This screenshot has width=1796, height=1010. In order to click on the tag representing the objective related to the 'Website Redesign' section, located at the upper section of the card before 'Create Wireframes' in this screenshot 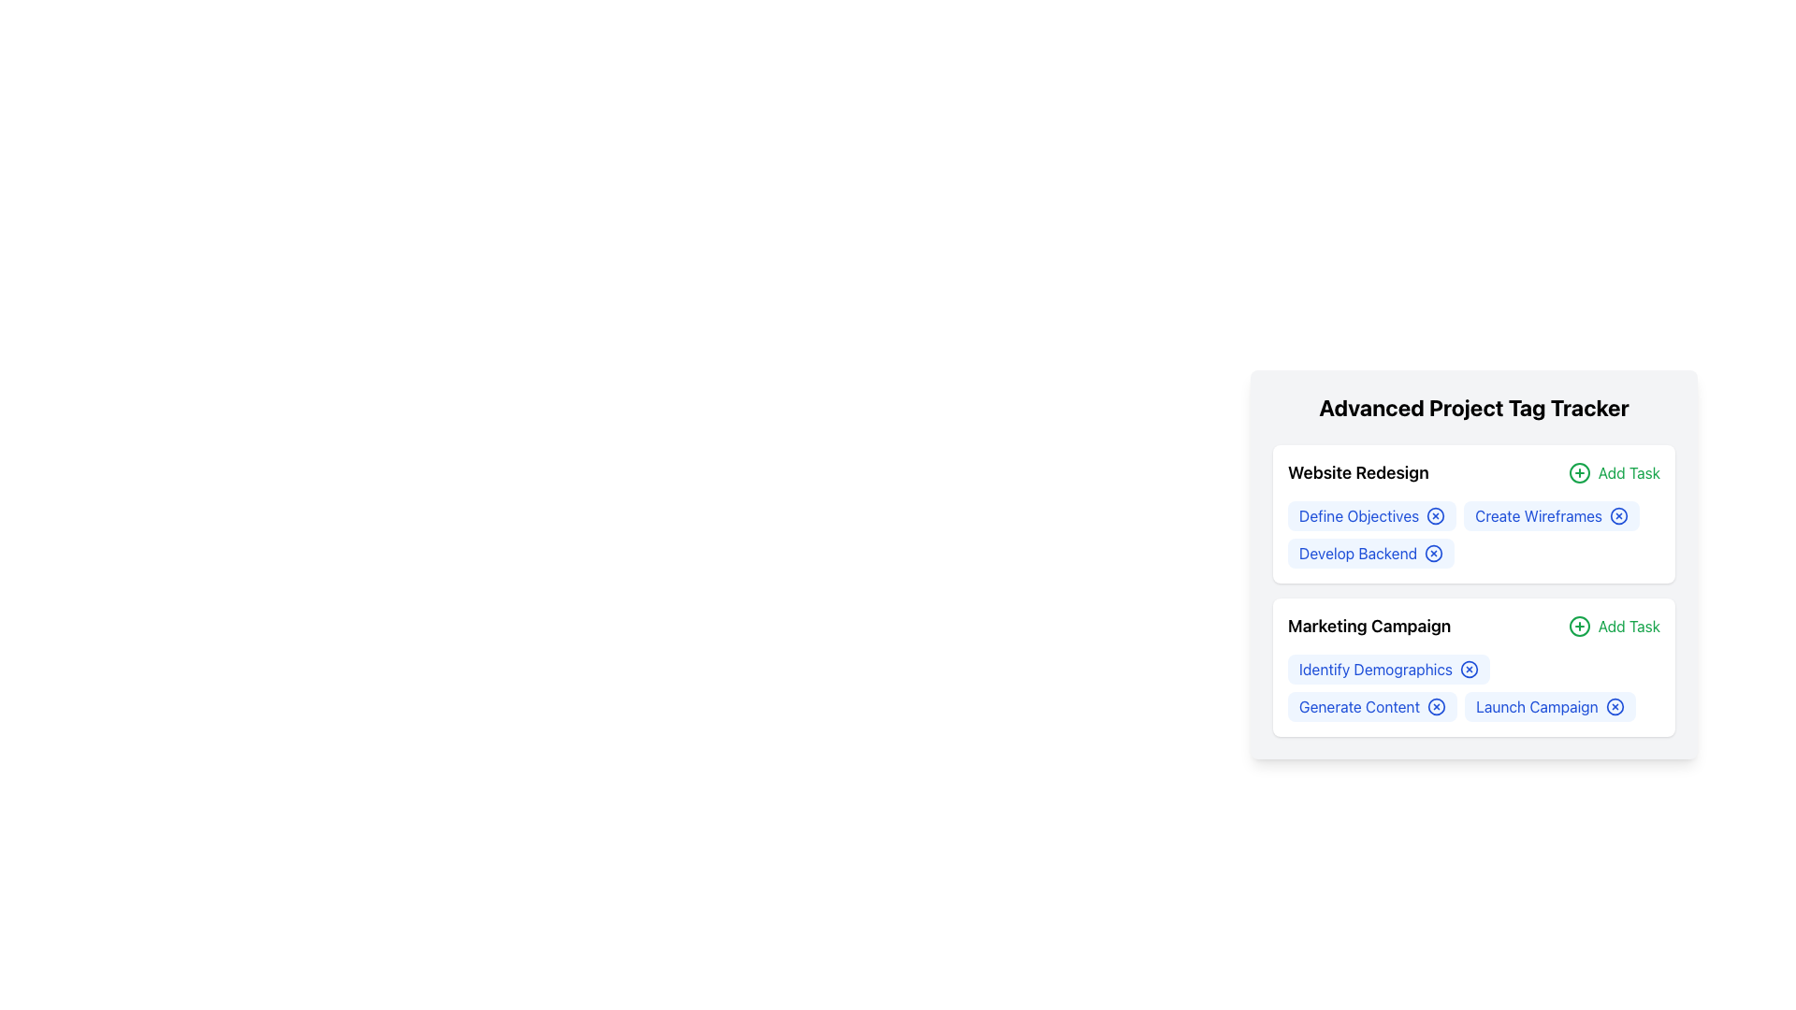, I will do `click(1372, 515)`.